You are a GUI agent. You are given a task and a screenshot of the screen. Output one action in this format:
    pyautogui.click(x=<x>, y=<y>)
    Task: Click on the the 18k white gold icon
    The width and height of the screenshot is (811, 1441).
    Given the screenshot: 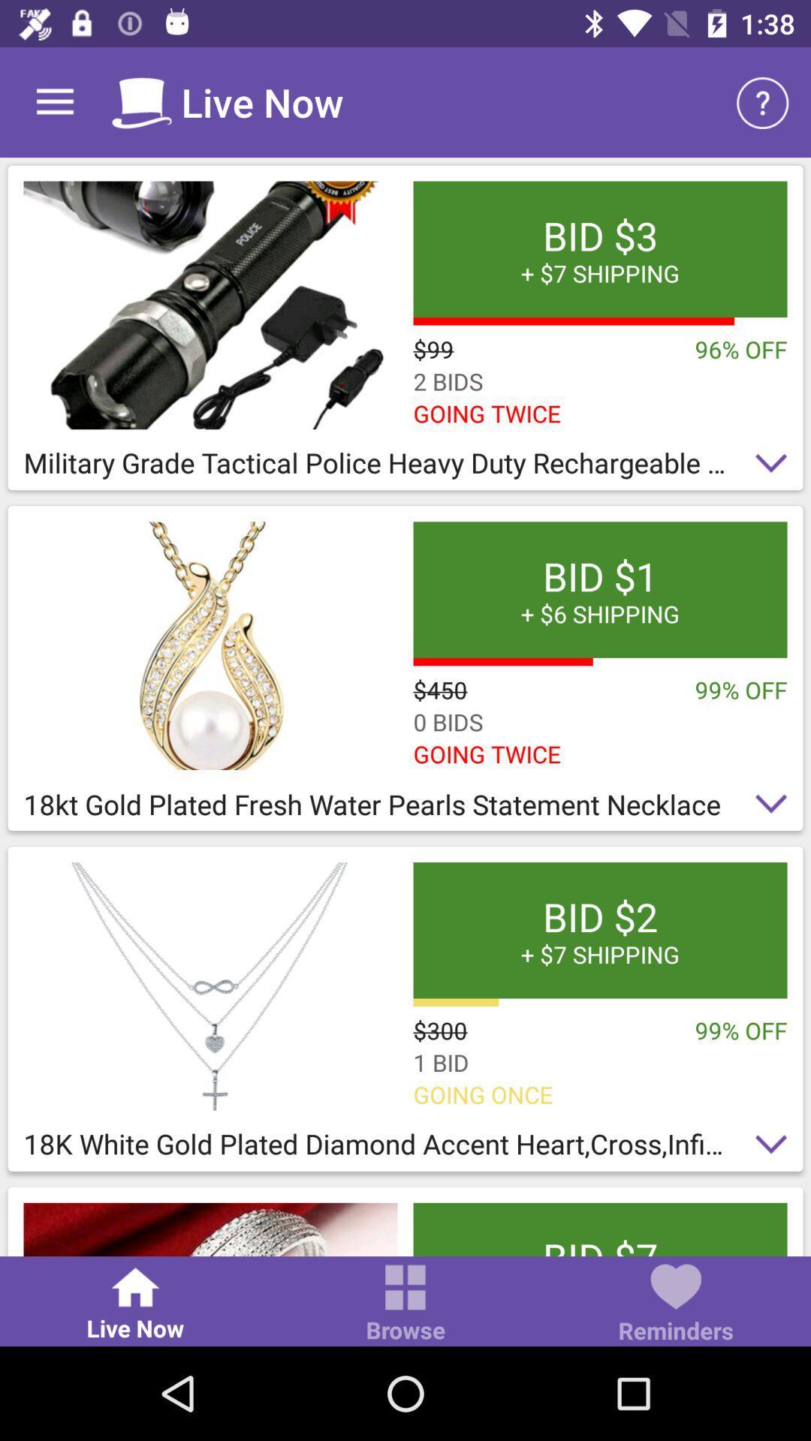 What is the action you would take?
    pyautogui.click(x=405, y=1148)
    